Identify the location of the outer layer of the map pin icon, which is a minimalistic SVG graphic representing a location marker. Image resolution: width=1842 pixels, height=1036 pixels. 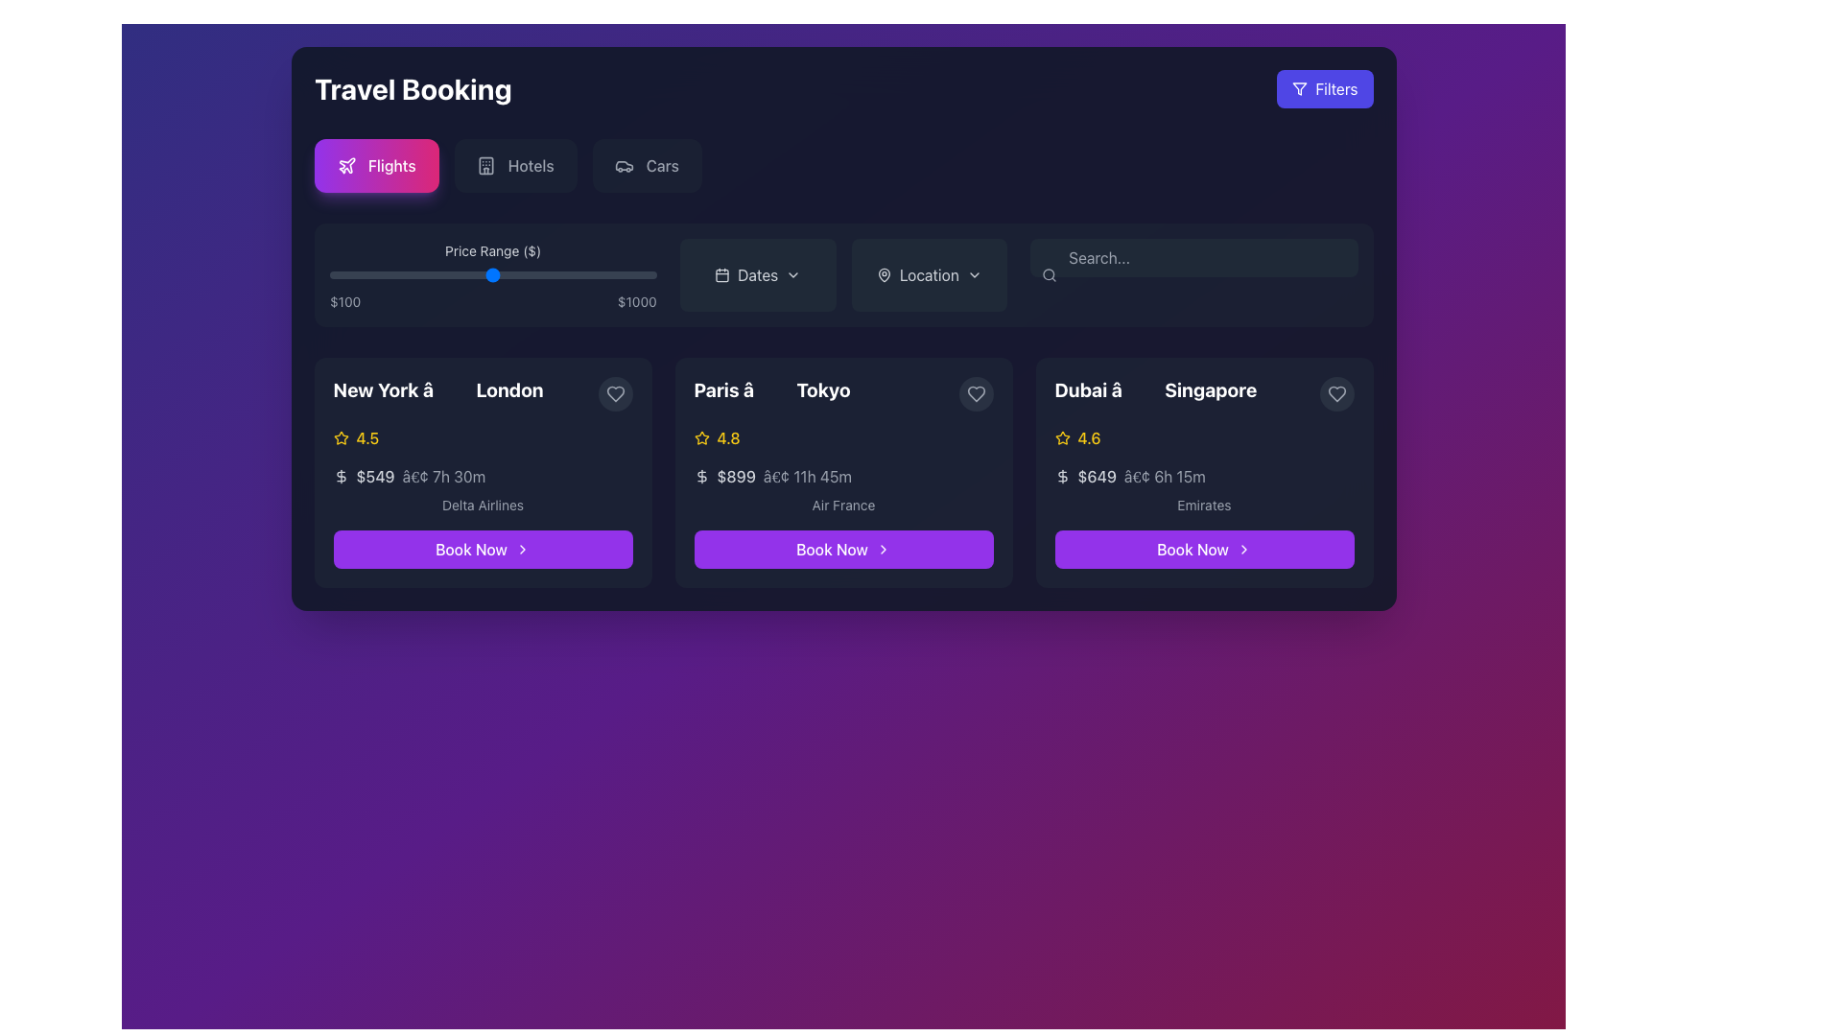
(883, 274).